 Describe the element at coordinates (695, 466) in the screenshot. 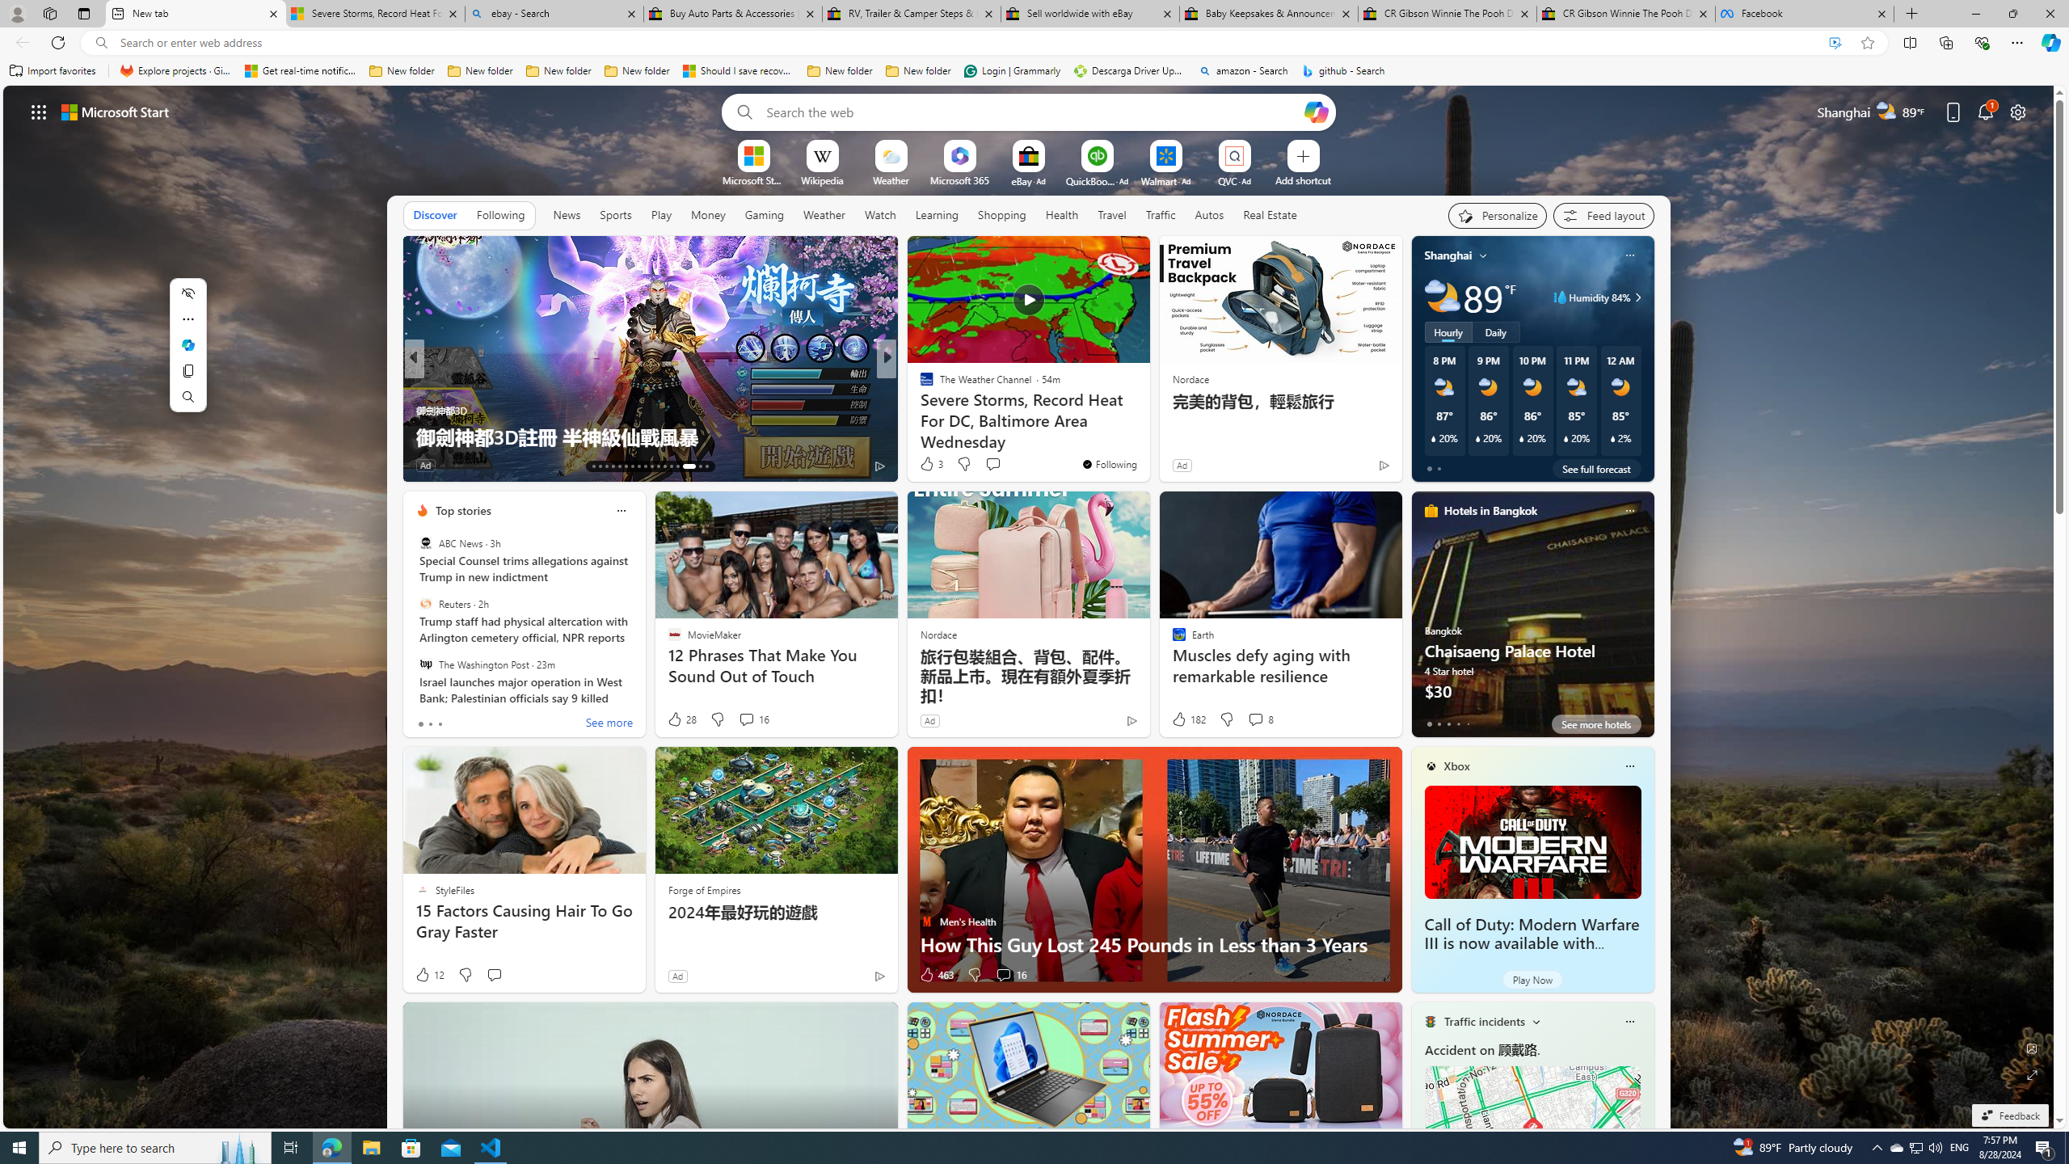

I see `'AutomationID: tab-28'` at that location.